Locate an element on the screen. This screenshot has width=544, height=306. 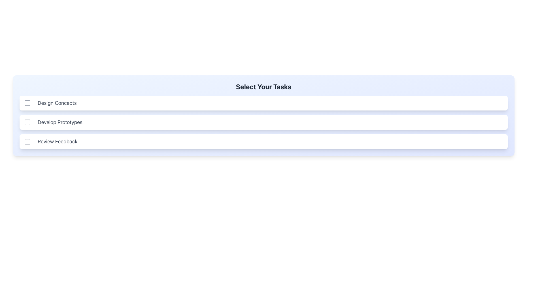
the Checkbox-like UI component located to the left of the 'Design Concepts' task item in the task selection interface is located at coordinates (27, 103).